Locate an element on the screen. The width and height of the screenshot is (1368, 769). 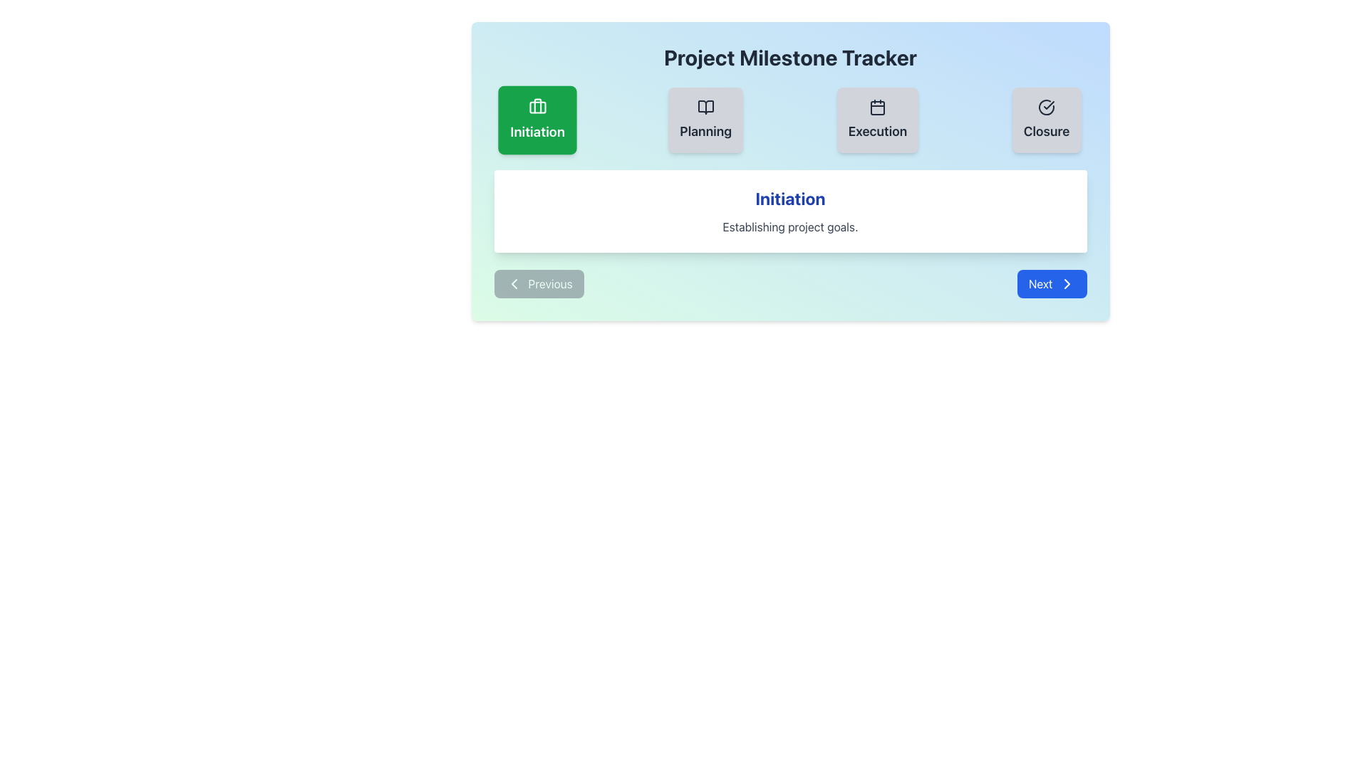
the static text label representing the 'Execution' phase in the Project Milestone Tracker, located between 'Planning' and 'Closure' is located at coordinates (876, 132).